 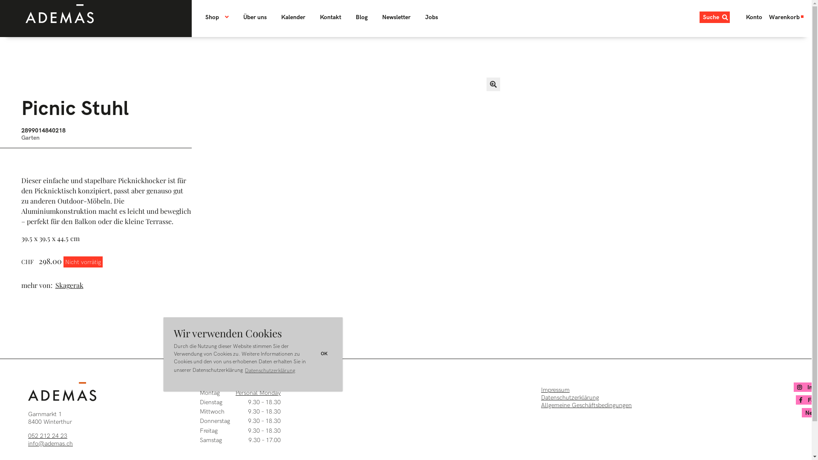 What do you see at coordinates (742, 17) in the screenshot?
I see `'Konto'` at bounding box center [742, 17].